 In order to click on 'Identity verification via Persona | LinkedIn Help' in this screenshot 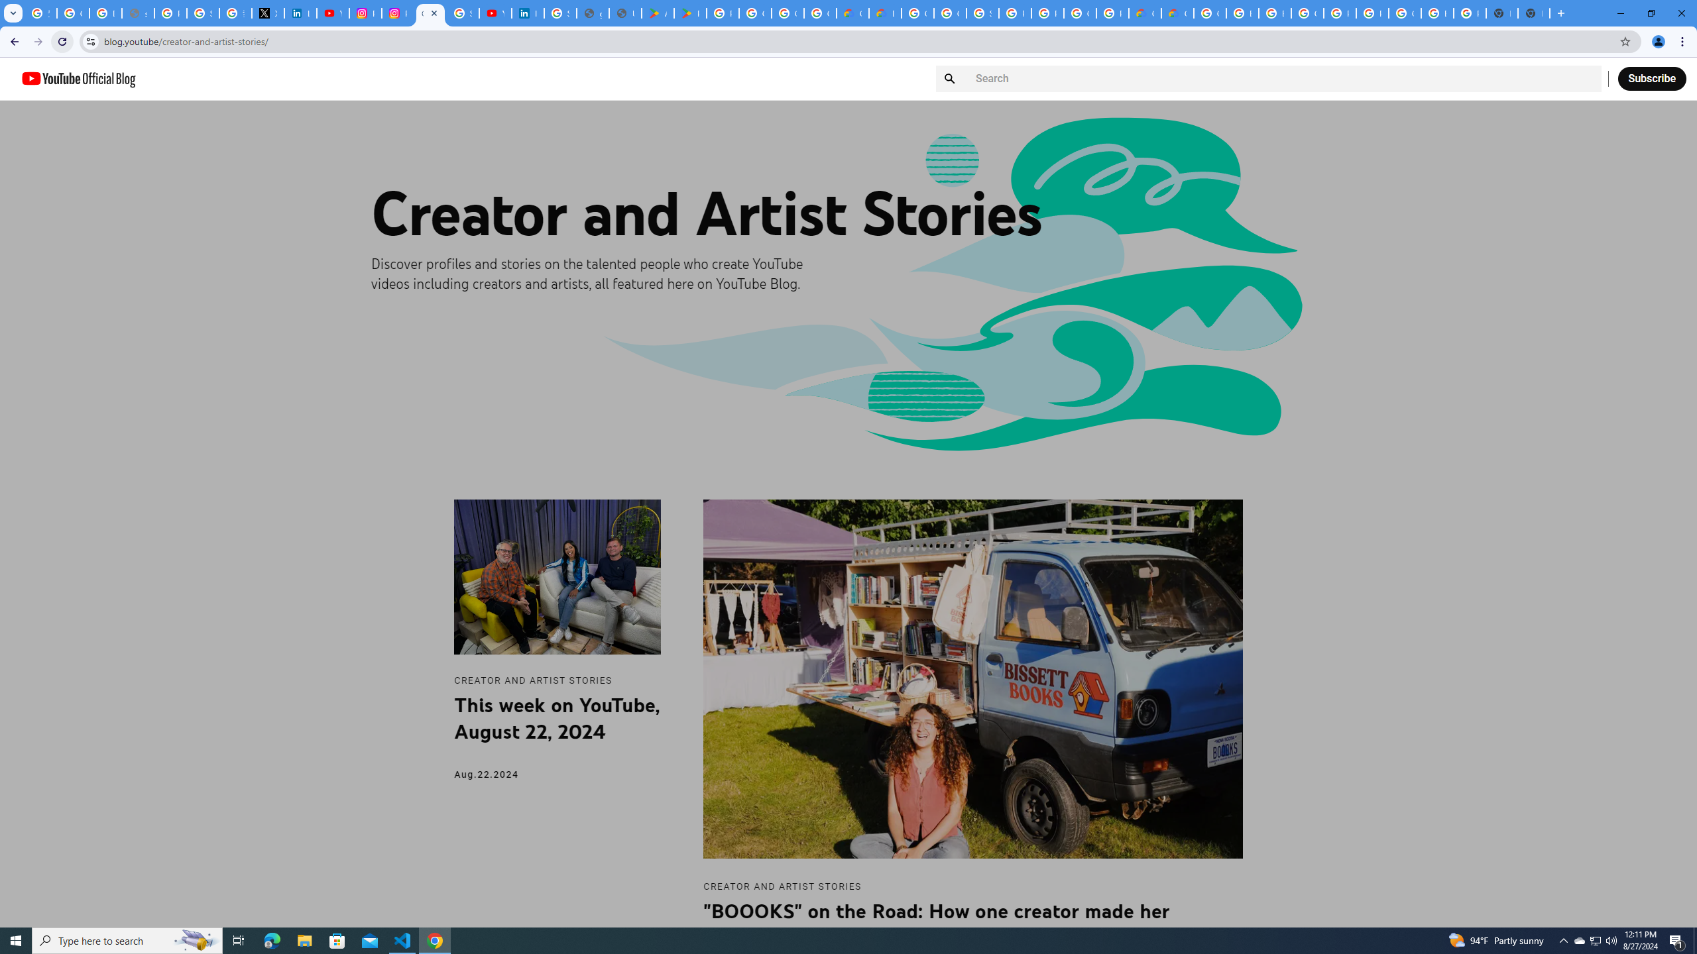, I will do `click(527, 13)`.